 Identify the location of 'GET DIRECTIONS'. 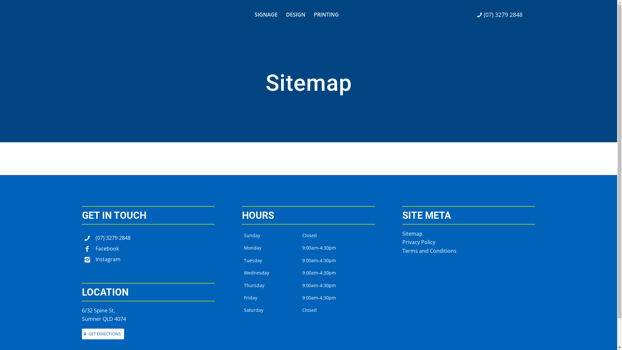
(81, 334).